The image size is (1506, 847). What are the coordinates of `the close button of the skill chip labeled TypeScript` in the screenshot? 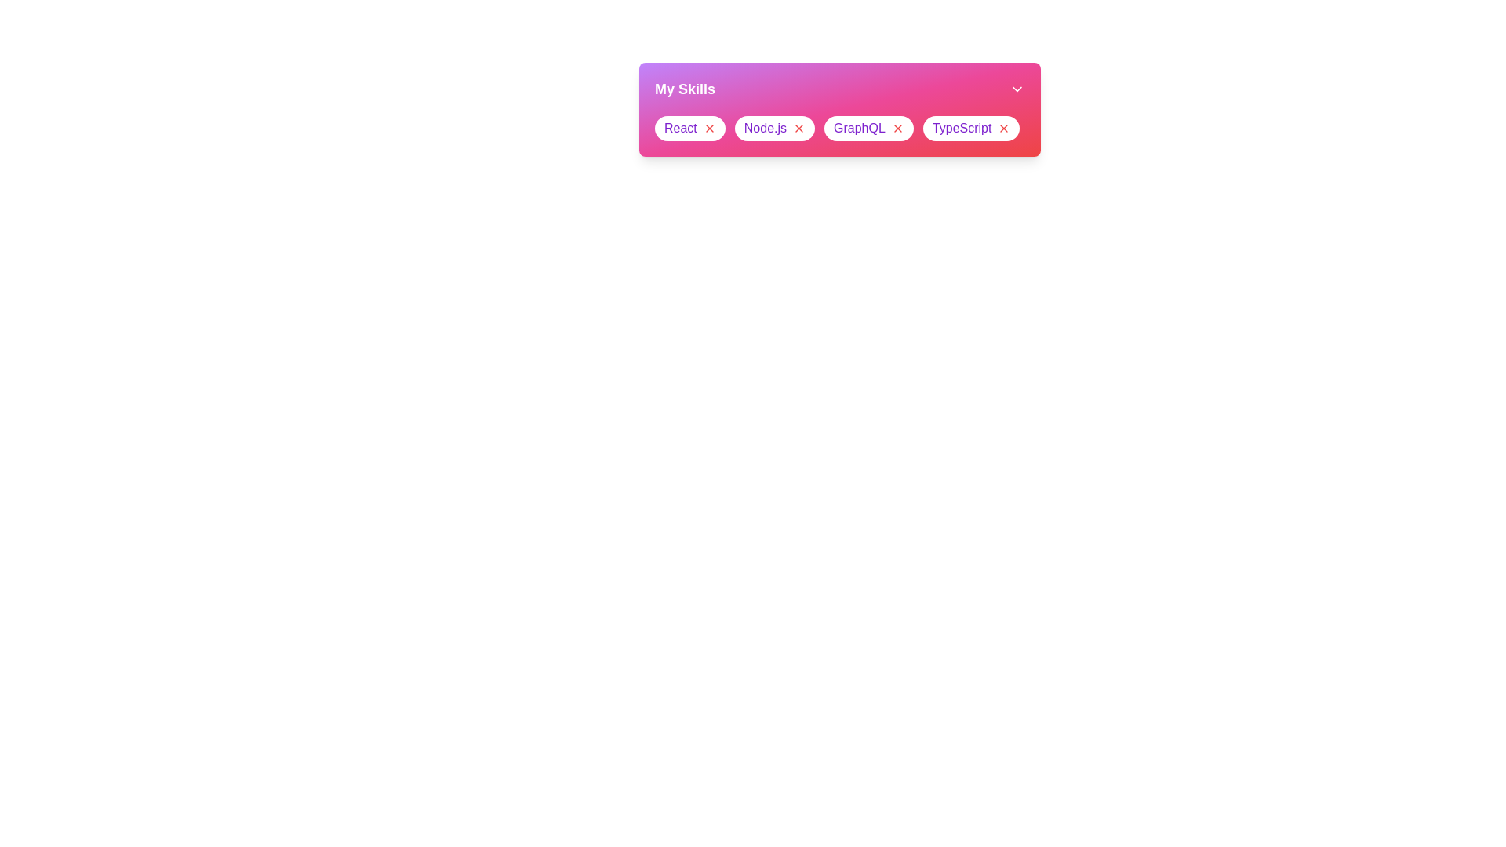 It's located at (1004, 128).